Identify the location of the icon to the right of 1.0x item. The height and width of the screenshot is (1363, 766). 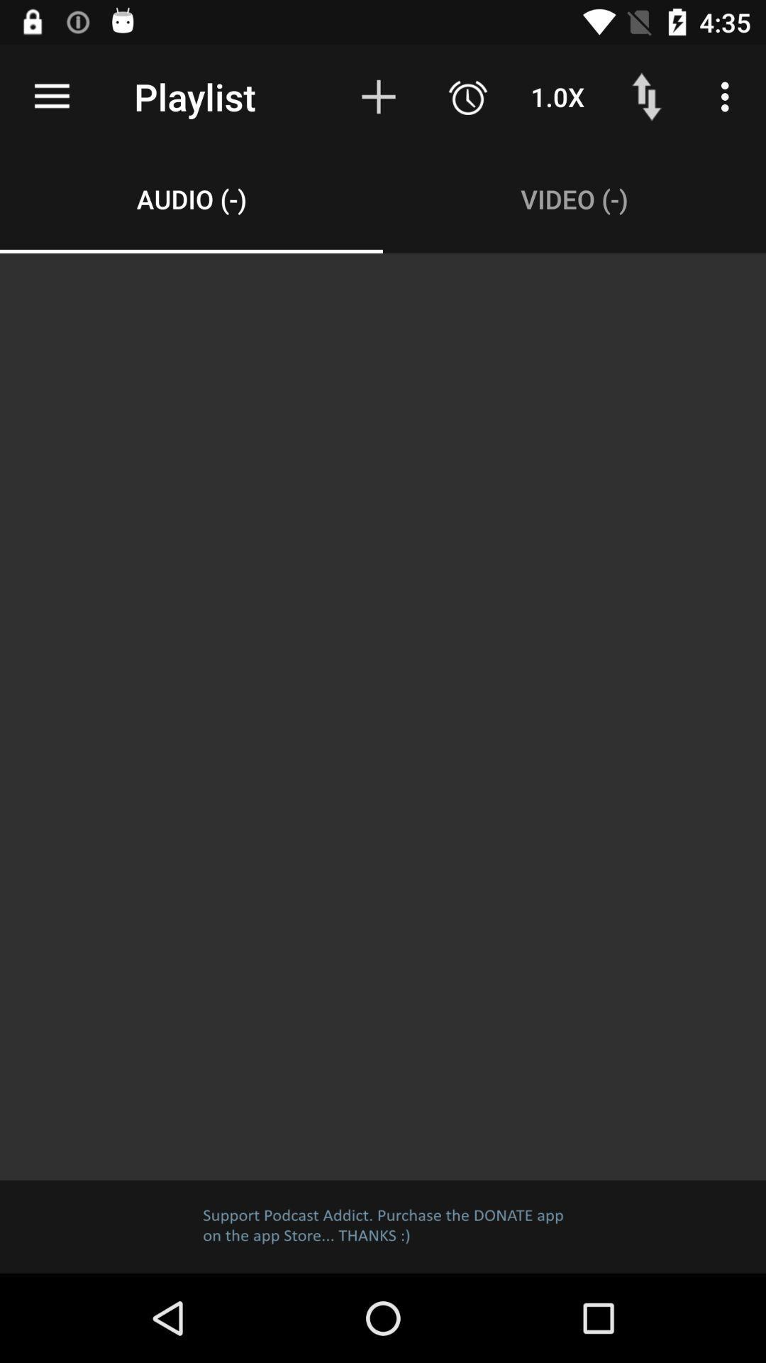
(646, 96).